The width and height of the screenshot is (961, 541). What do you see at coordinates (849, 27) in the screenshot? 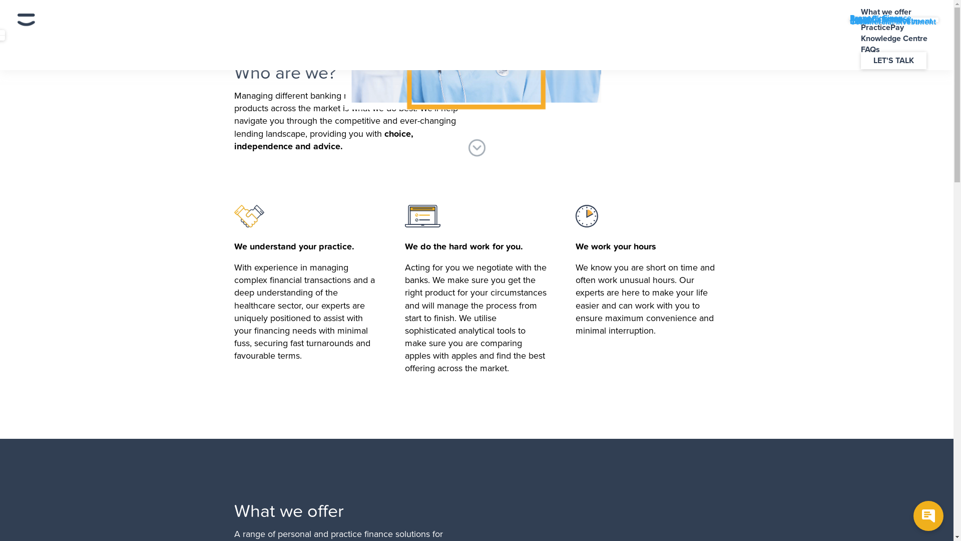
I see `'PracticePay'` at bounding box center [849, 27].